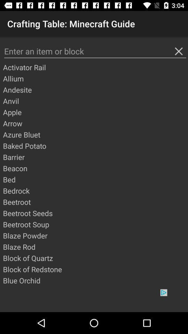 This screenshot has height=334, width=188. What do you see at coordinates (95, 168) in the screenshot?
I see `app below barrier icon` at bounding box center [95, 168].